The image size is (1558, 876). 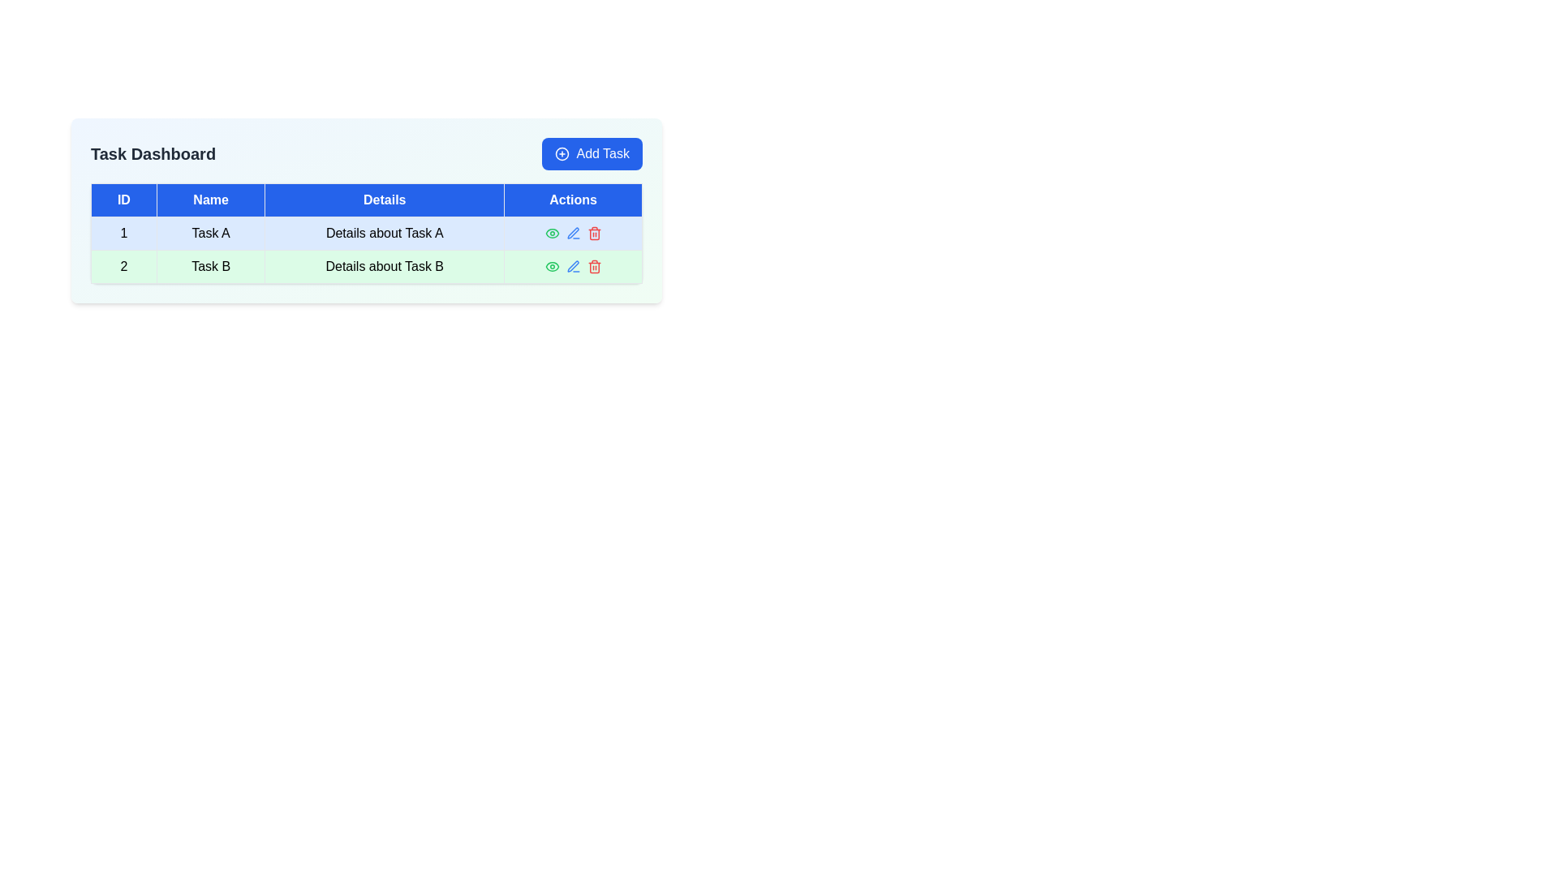 What do you see at coordinates (562, 153) in the screenshot?
I see `the decorative '+' icon located within the 'Add Task' button at the top-right corner of the card interface` at bounding box center [562, 153].